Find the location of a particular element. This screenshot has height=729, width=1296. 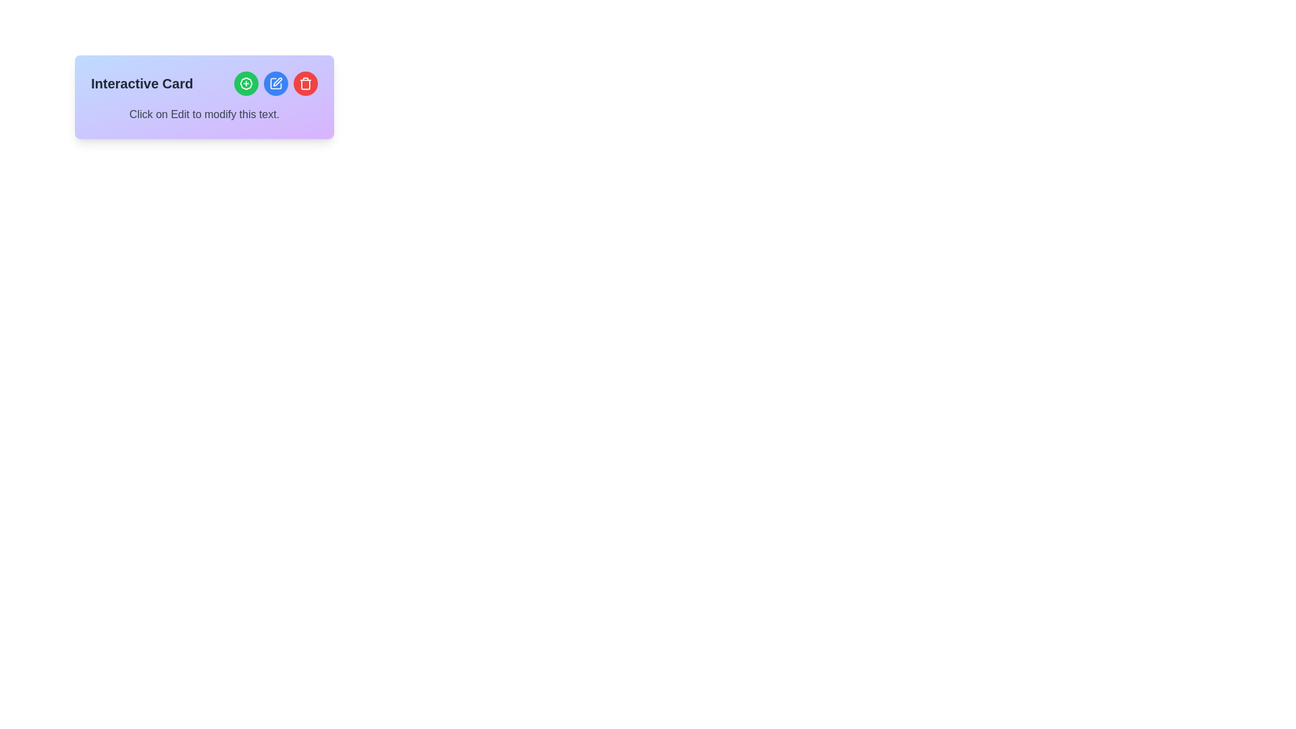

the icon located at the top-right corner of the interactive card, which is part of a grouped icon set is located at coordinates (304, 84).